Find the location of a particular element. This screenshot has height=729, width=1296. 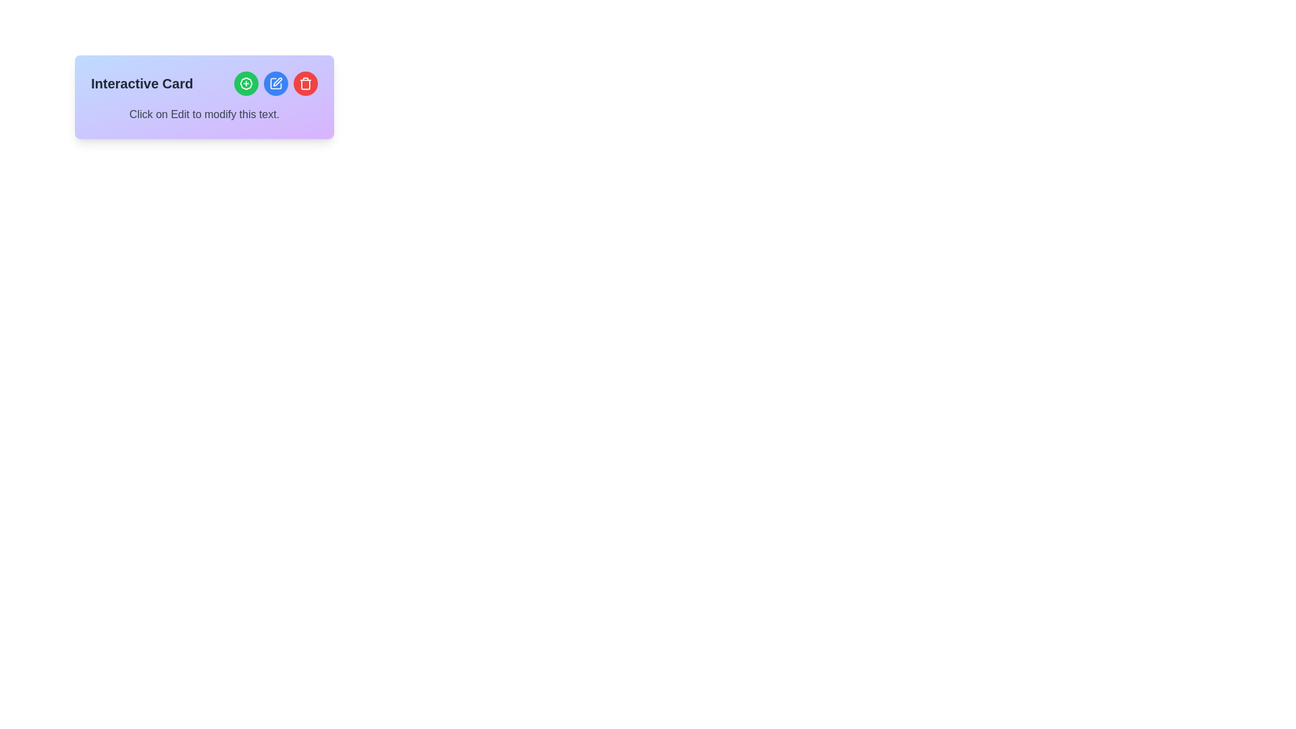

the icon located at the top-right corner of the interactive card, which is part of a grouped icon set is located at coordinates (304, 84).